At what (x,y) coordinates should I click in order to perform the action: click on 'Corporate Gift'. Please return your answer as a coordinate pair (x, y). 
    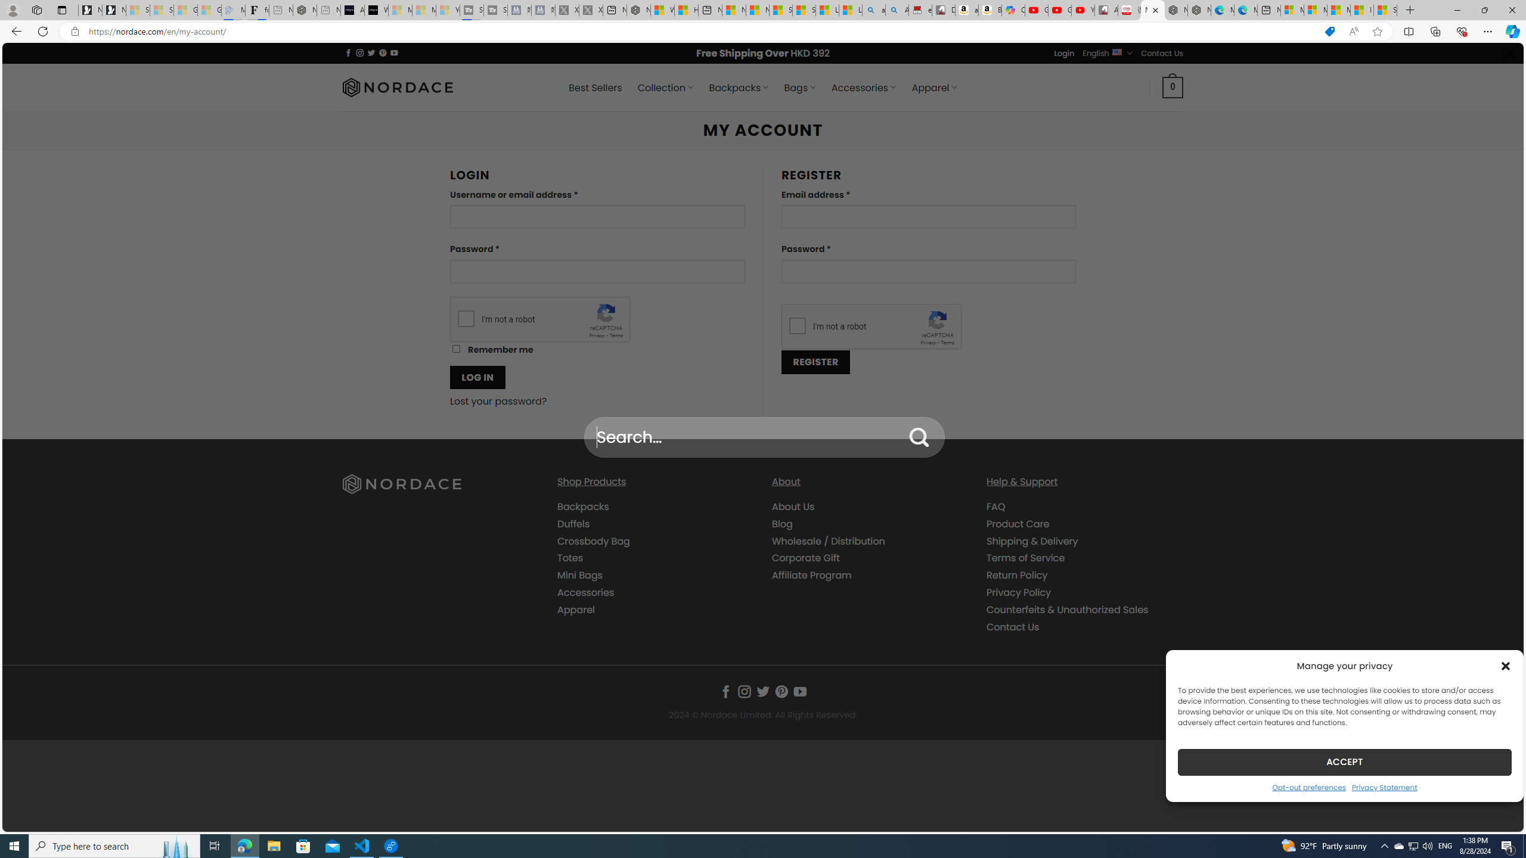
    Looking at the image, I should click on (870, 558).